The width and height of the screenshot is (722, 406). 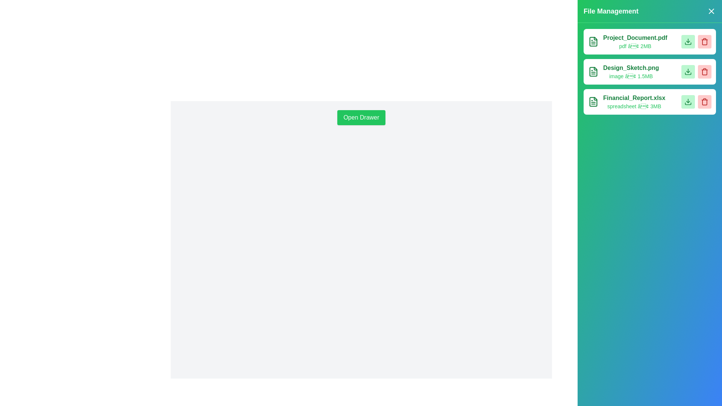 What do you see at coordinates (688, 101) in the screenshot?
I see `the 'Download' button for the file Financial_Report.xlsx` at bounding box center [688, 101].